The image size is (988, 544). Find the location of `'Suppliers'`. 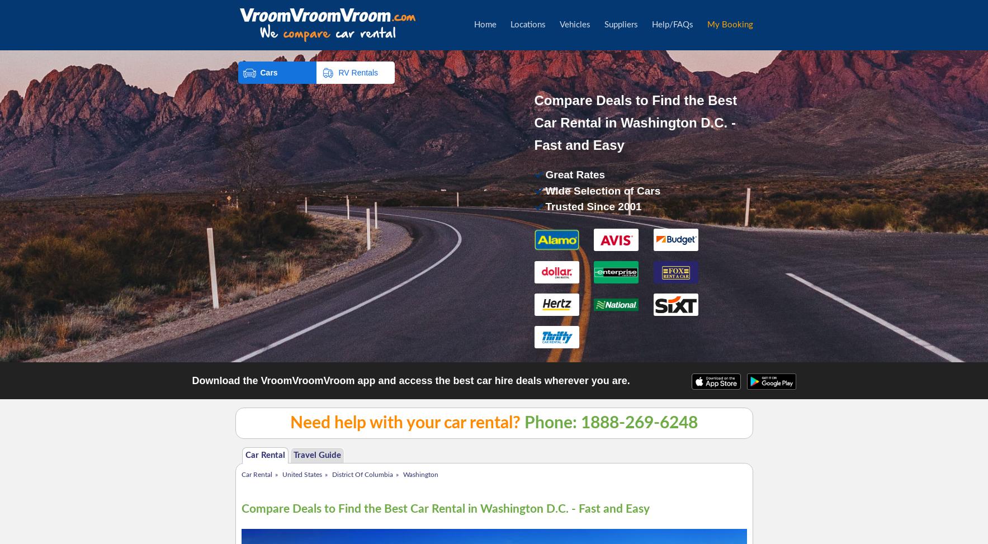

'Suppliers' is located at coordinates (621, 25).